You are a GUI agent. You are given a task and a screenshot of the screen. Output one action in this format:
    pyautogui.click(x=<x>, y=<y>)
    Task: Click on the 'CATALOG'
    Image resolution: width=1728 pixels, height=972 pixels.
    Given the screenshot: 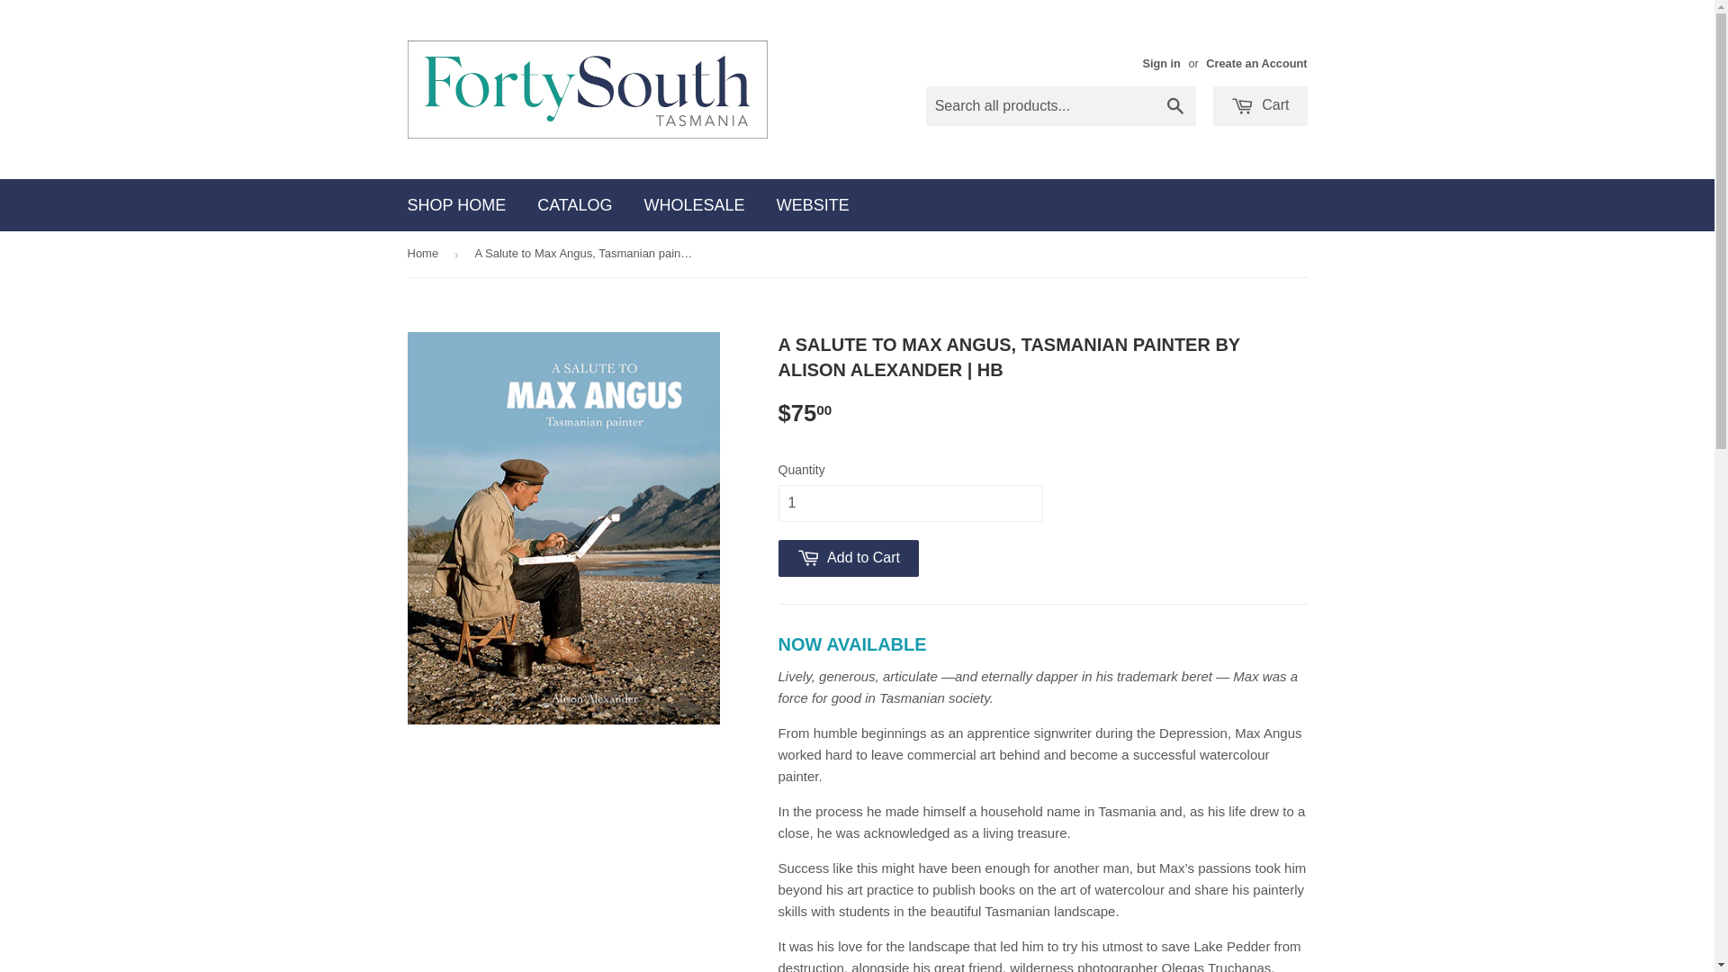 What is the action you would take?
    pyautogui.click(x=573, y=203)
    